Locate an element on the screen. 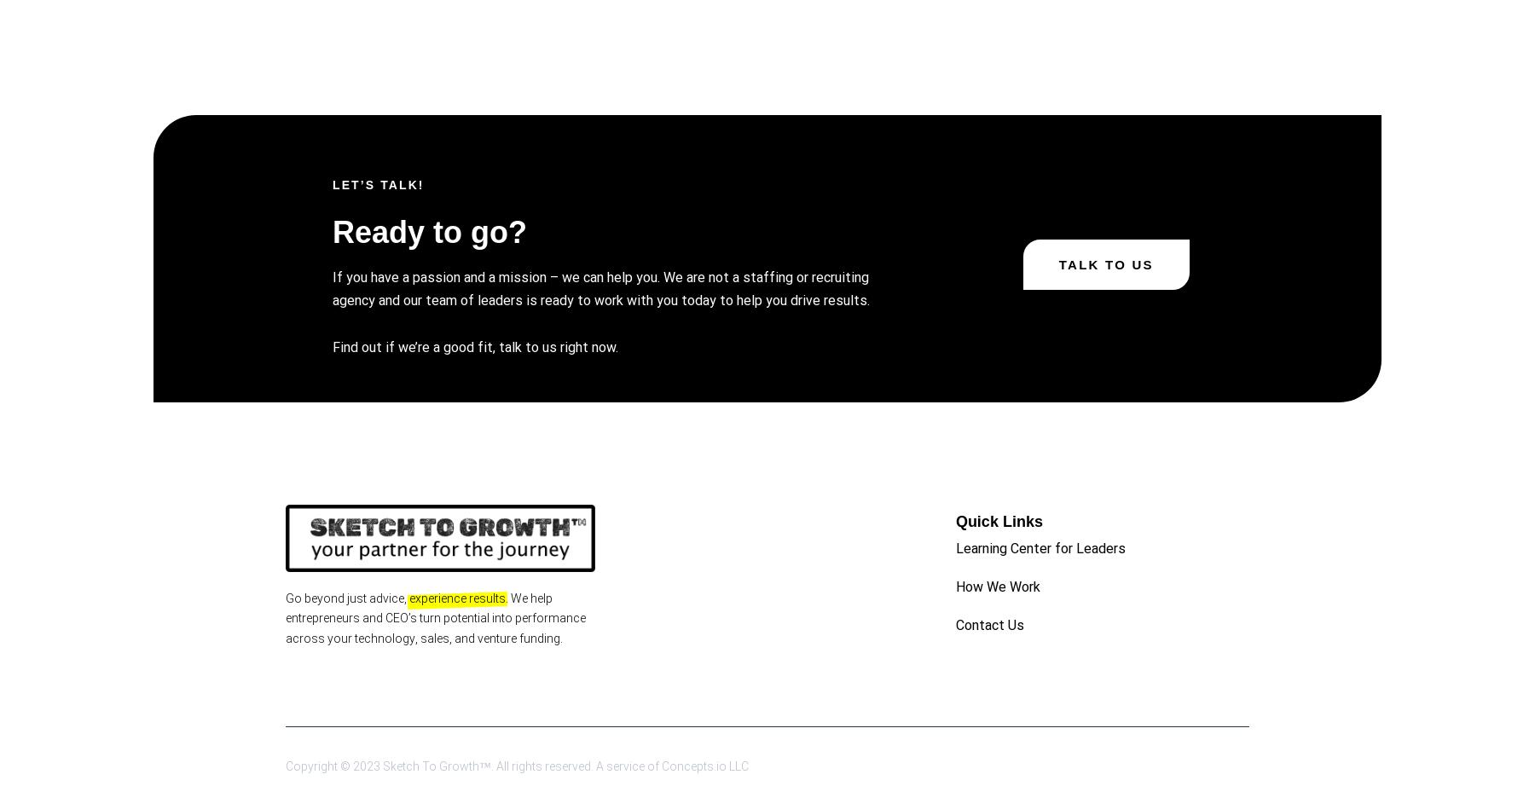 This screenshot has width=1535, height=786. '. We help entrepreneurs and CEO’s turn potential into performance across your technology, sales, and venture funding.' is located at coordinates (435, 617).